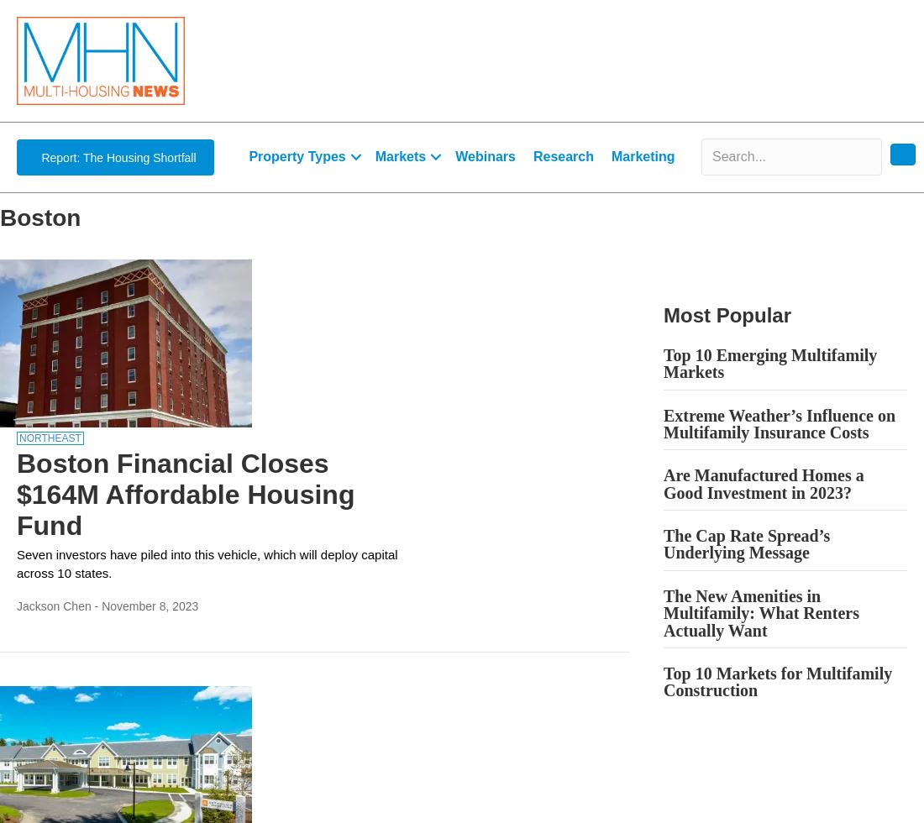 Image resolution: width=924 pixels, height=823 pixels. I want to click on 'Research', so click(533, 156).